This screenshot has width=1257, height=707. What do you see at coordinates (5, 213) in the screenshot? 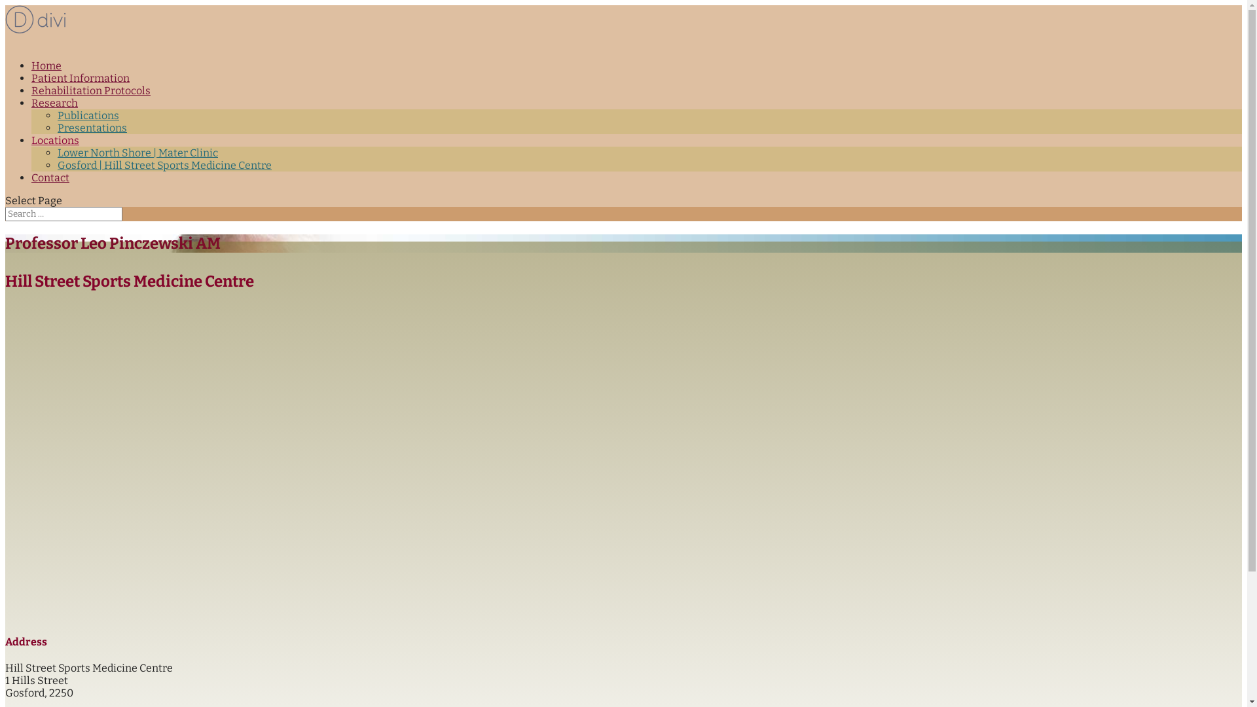
I see `'Search for:'` at bounding box center [5, 213].